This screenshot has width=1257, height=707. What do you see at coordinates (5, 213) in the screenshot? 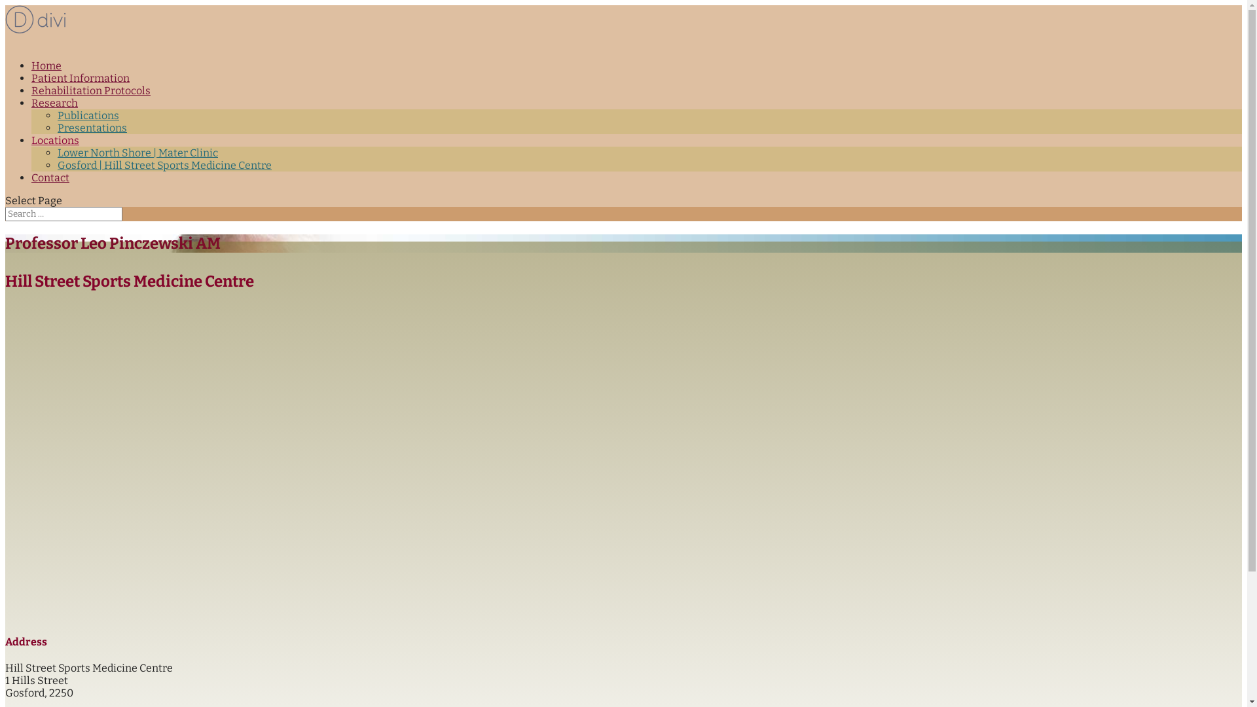
I see `'Search for:'` at bounding box center [5, 213].